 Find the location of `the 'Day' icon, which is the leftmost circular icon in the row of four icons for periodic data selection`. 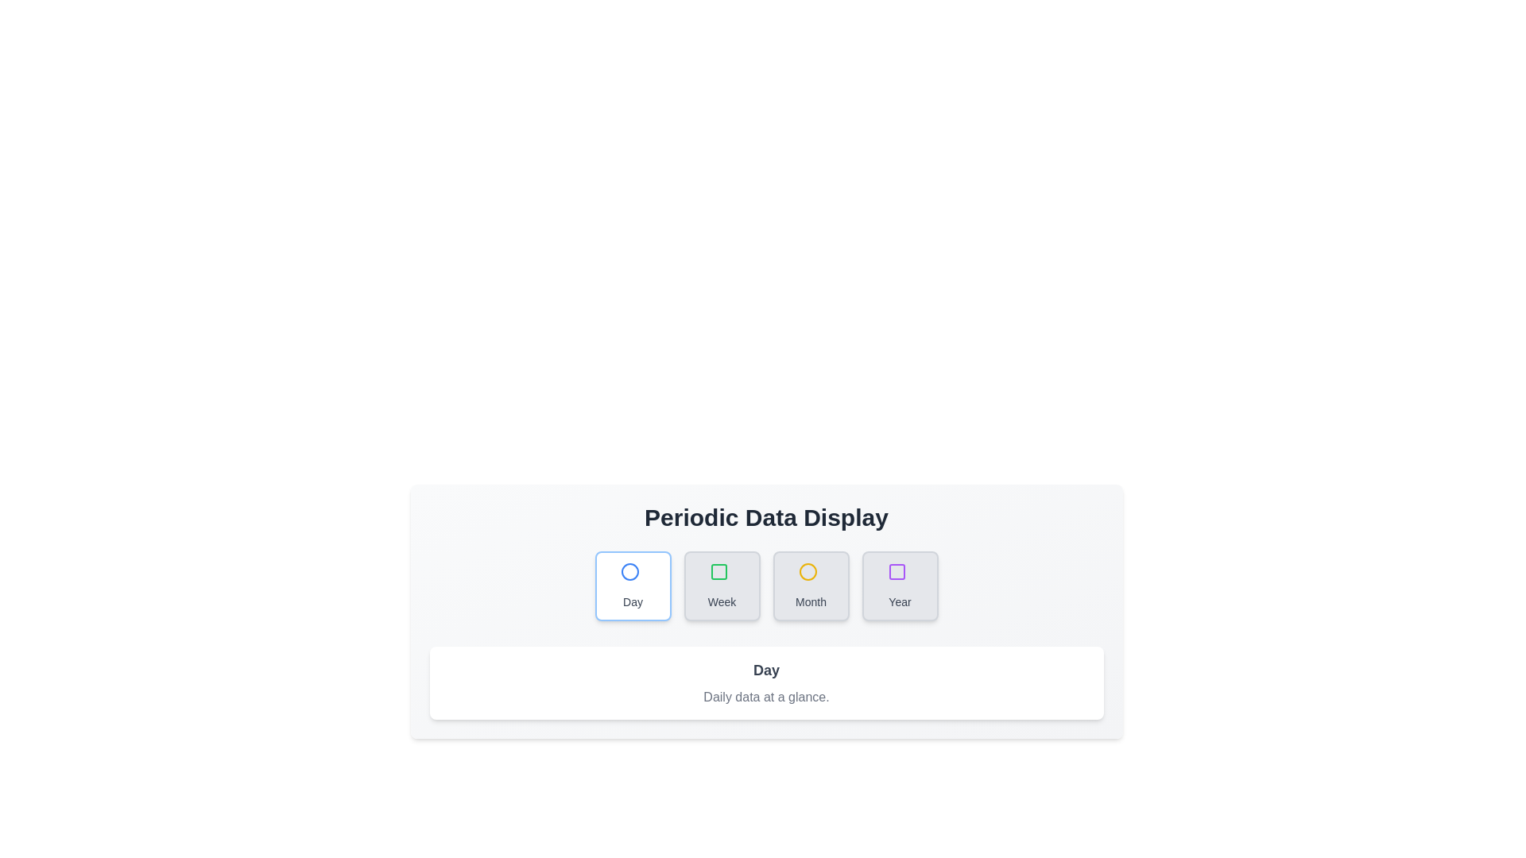

the 'Day' icon, which is the leftmost circular icon in the row of four icons for periodic data selection is located at coordinates (629, 572).